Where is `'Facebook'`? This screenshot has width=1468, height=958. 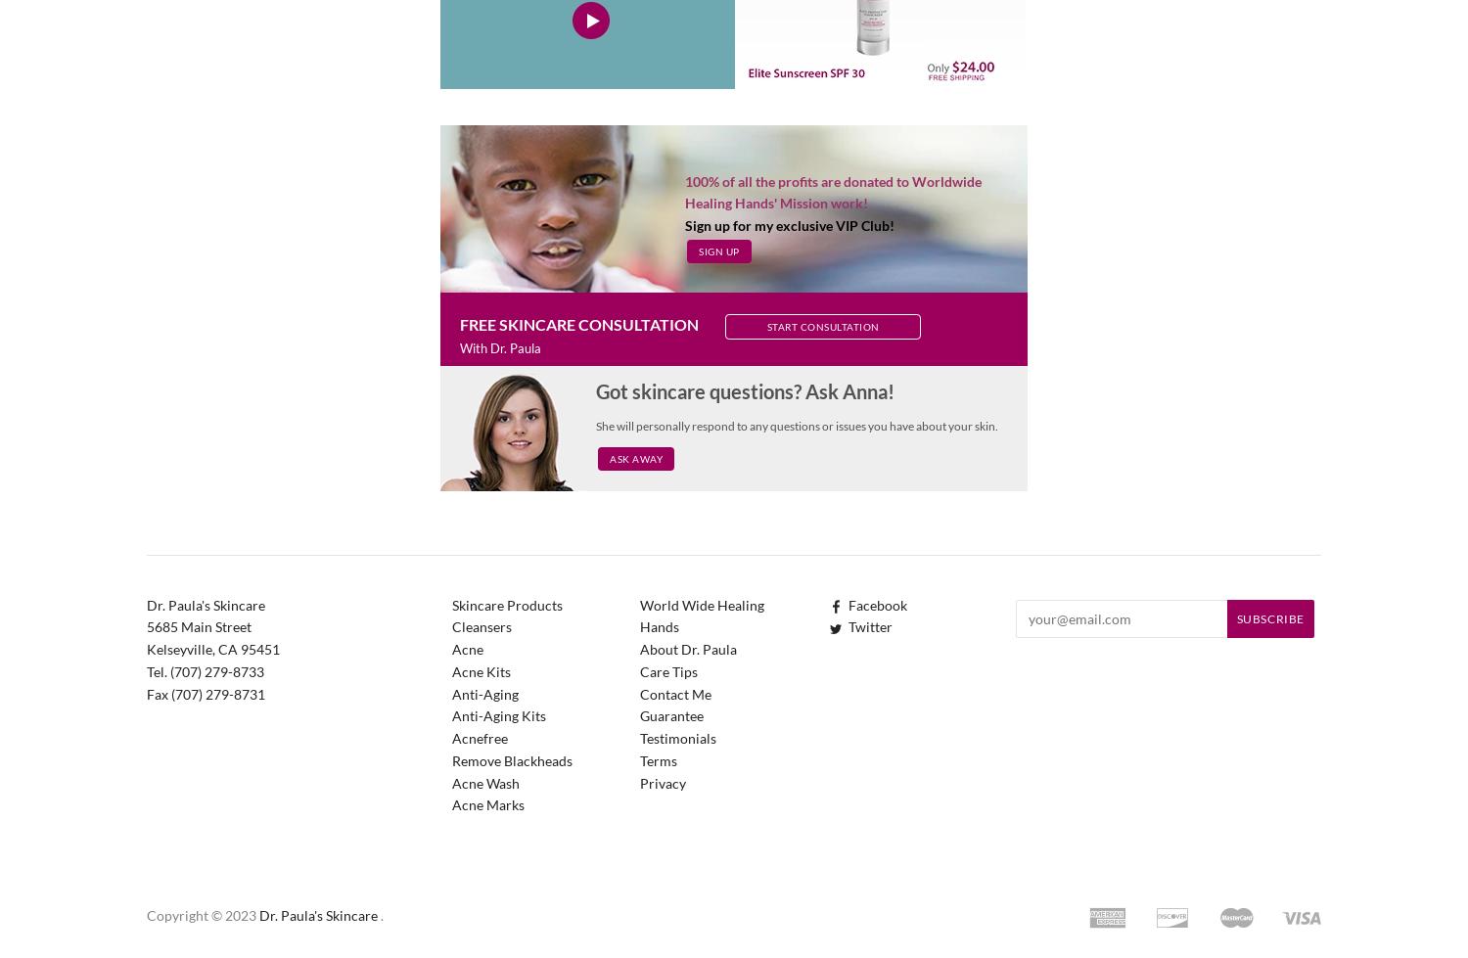
'Facebook' is located at coordinates (878, 603).